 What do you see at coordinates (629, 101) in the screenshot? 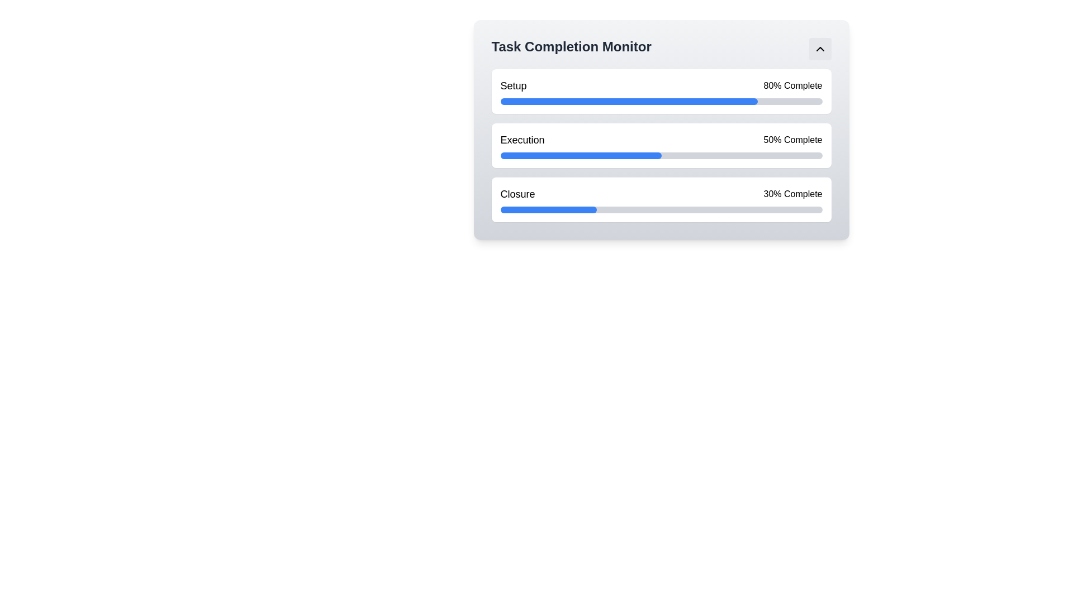
I see `the filled blue progress bar segment indicating 80% completion in the 'Setup' progress bar within the 'Task Completion Monitor' panel` at bounding box center [629, 101].